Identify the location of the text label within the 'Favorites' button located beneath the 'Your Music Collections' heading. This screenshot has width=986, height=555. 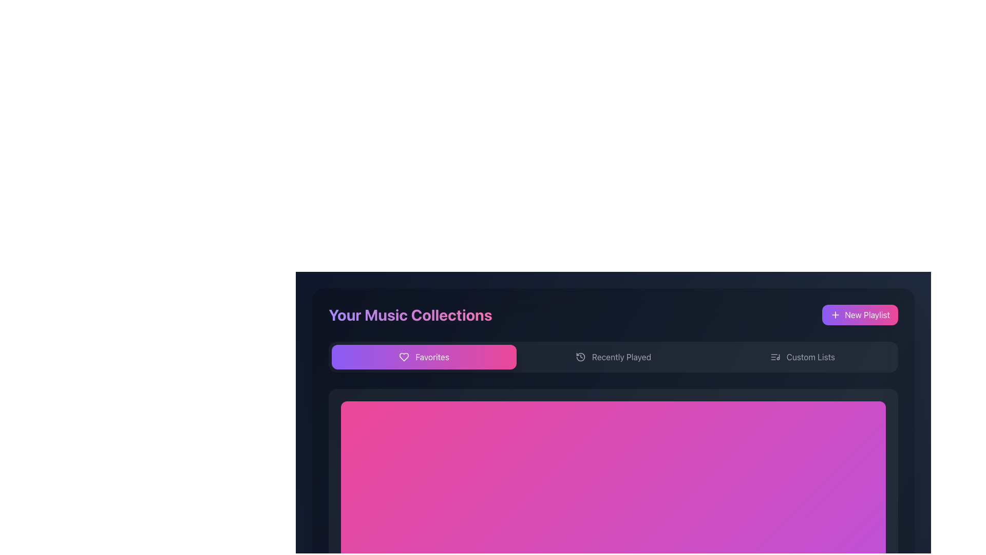
(432, 356).